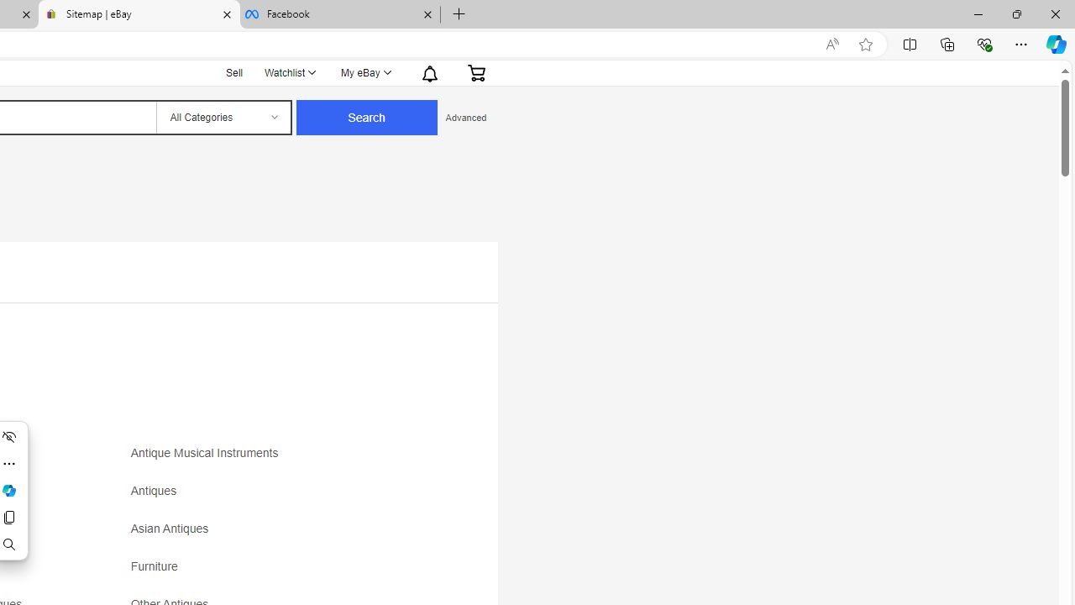 The image size is (1075, 605). I want to click on 'Facebook', so click(338, 14).